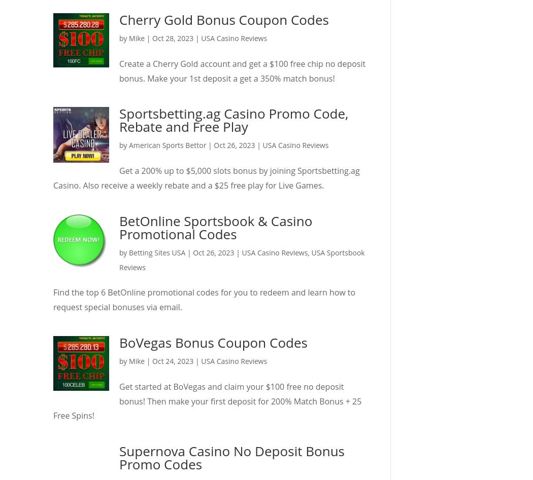 This screenshot has width=533, height=480. I want to click on 'American Sports Bettor', so click(168, 144).